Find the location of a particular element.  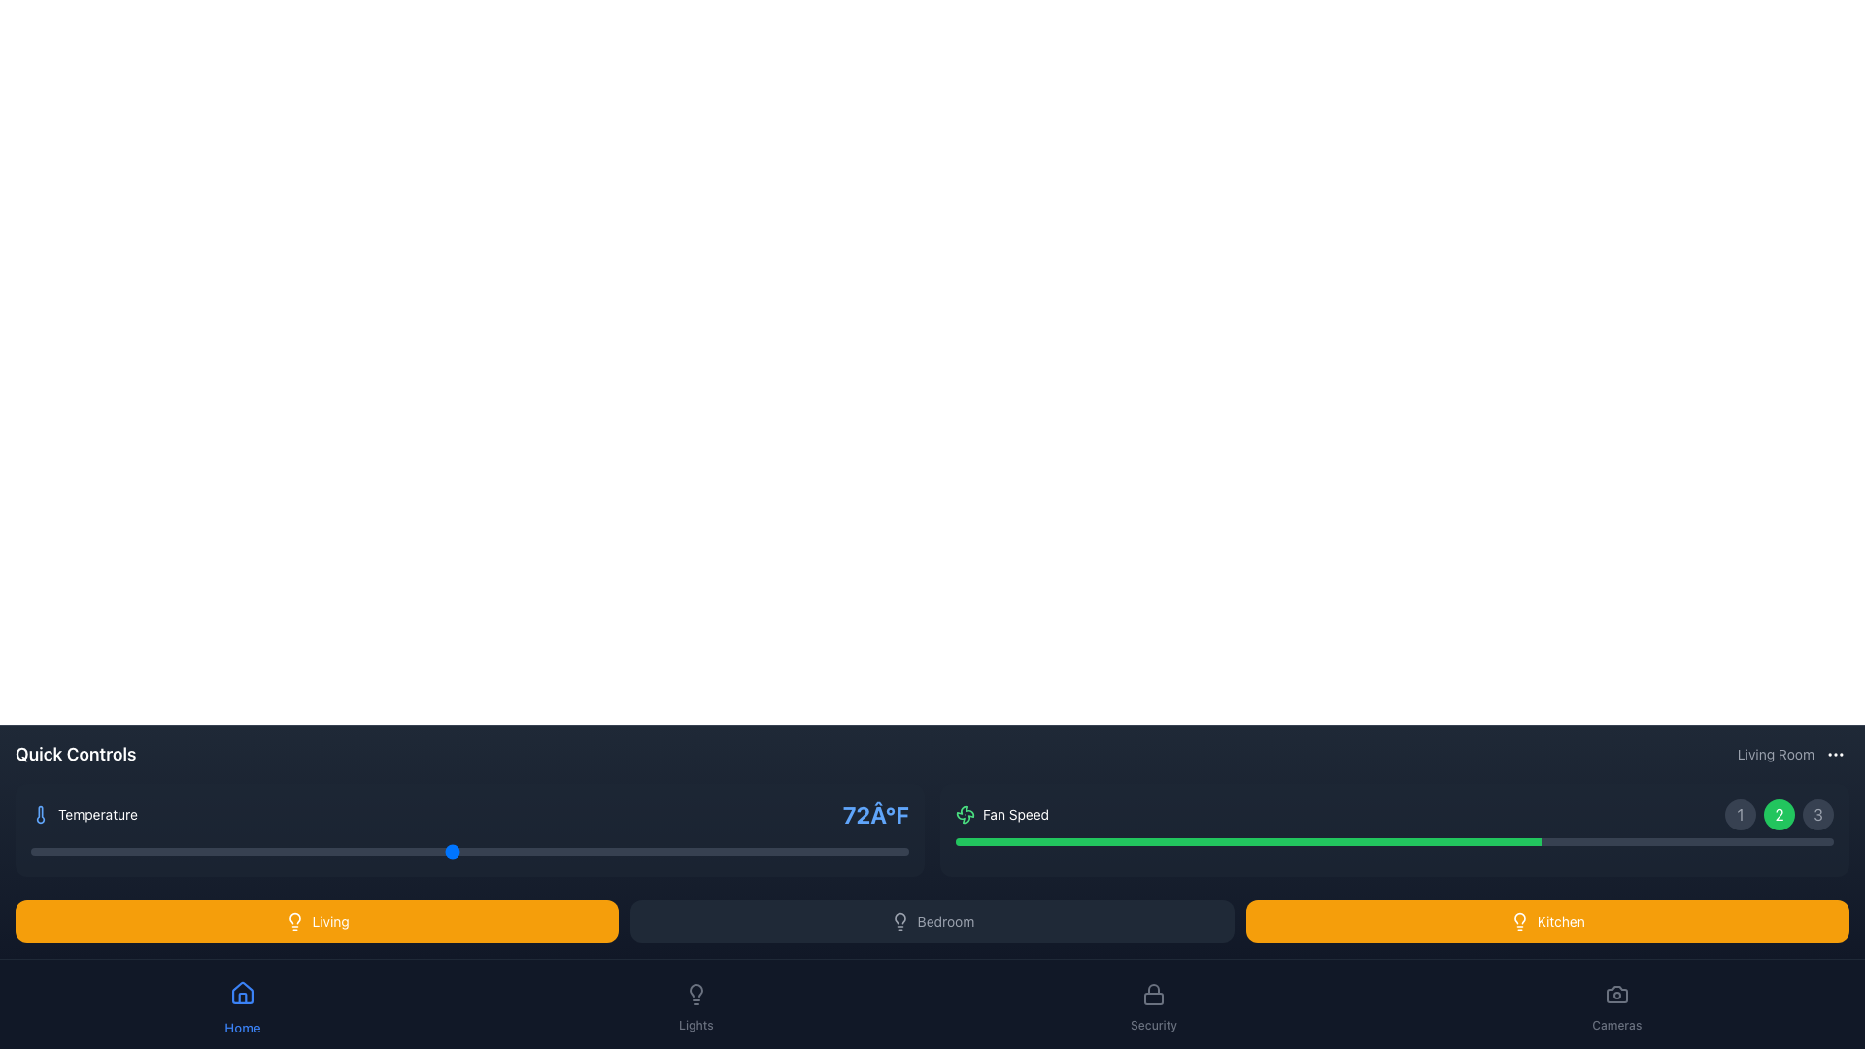

information from the static label displaying the word 'Lights' in a gray color, located centrally under the lightbulb icon is located at coordinates (695, 1025).